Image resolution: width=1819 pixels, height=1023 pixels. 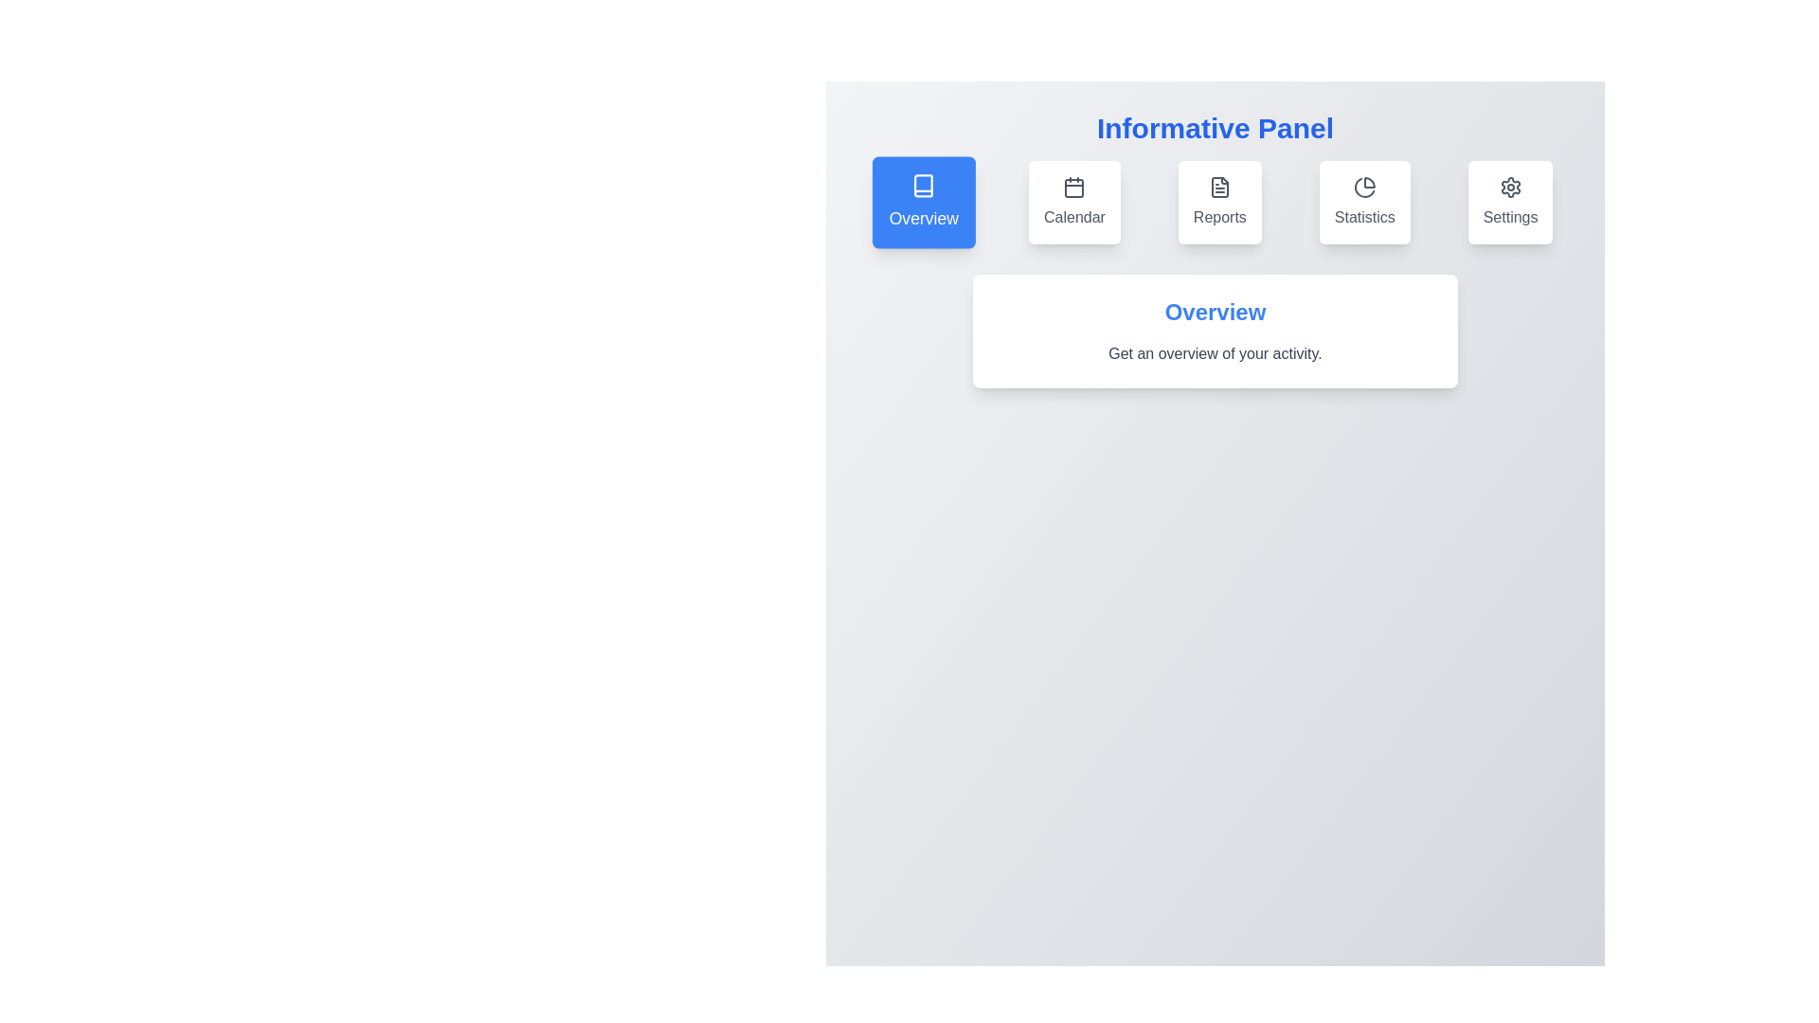 What do you see at coordinates (1074, 188) in the screenshot?
I see `the rounded rectangle area within the calendar icon, which is the second element from the left in the top navigation area` at bounding box center [1074, 188].